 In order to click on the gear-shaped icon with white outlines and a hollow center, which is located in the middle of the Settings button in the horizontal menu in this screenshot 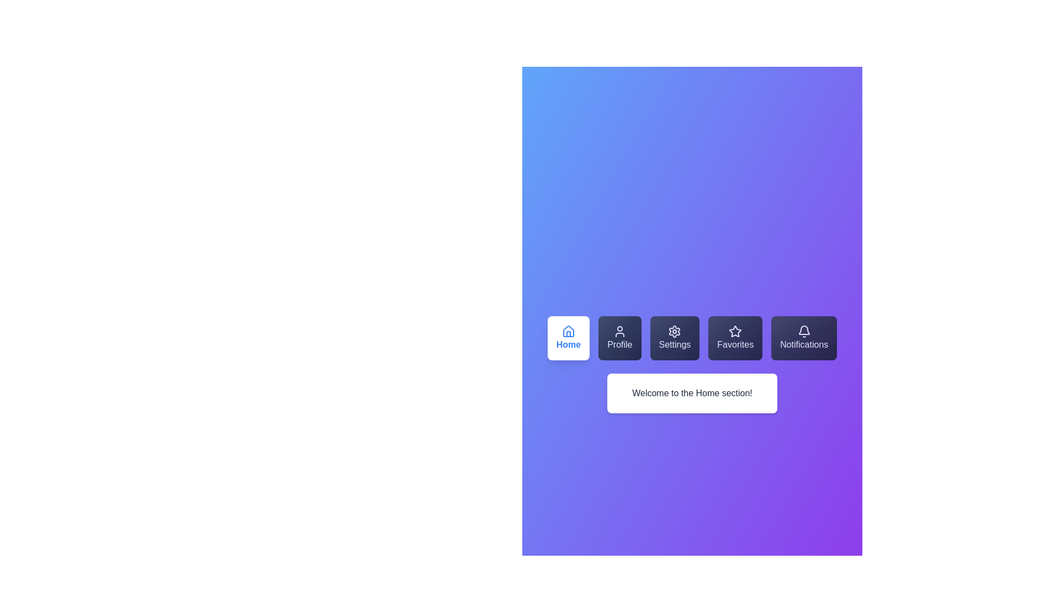, I will do `click(674, 331)`.